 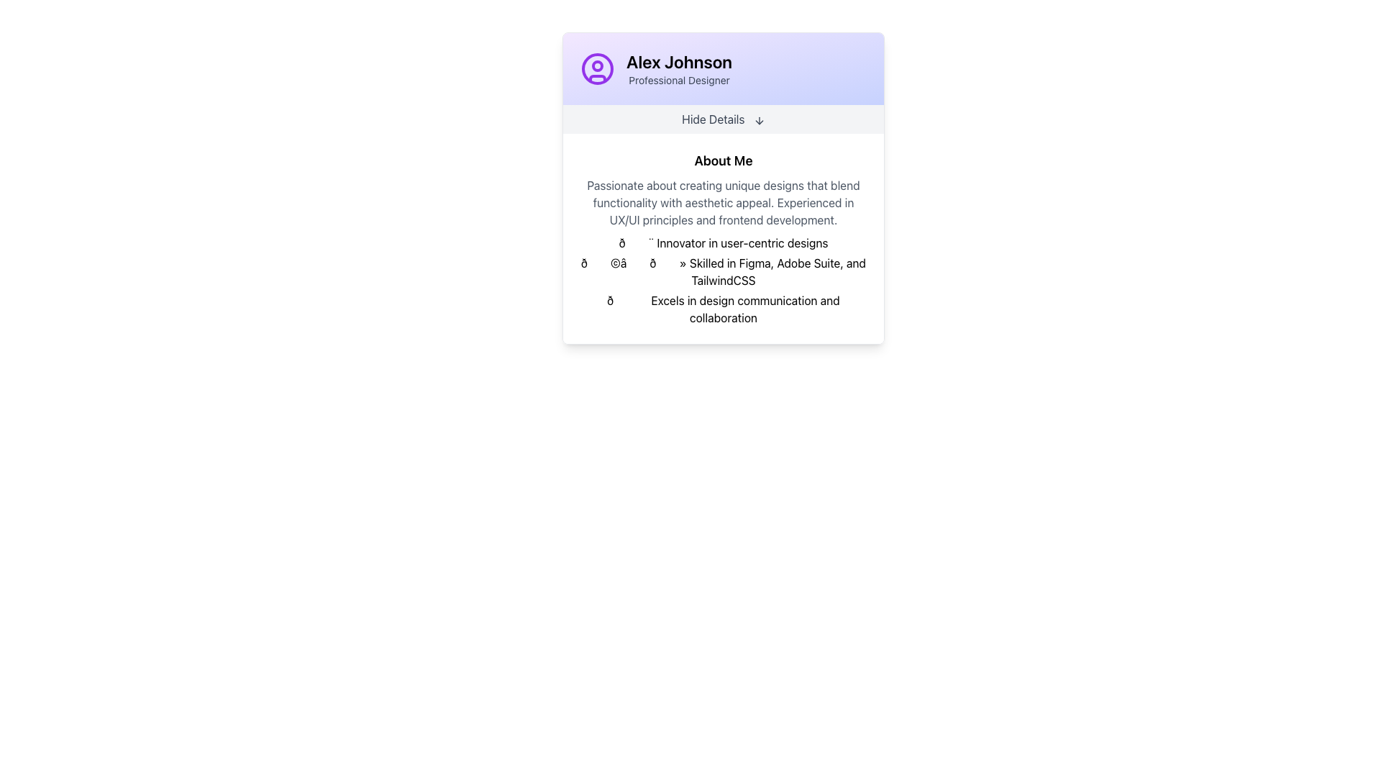 I want to click on the downward arrow icon within the 'Hide Details' button, so click(x=758, y=119).